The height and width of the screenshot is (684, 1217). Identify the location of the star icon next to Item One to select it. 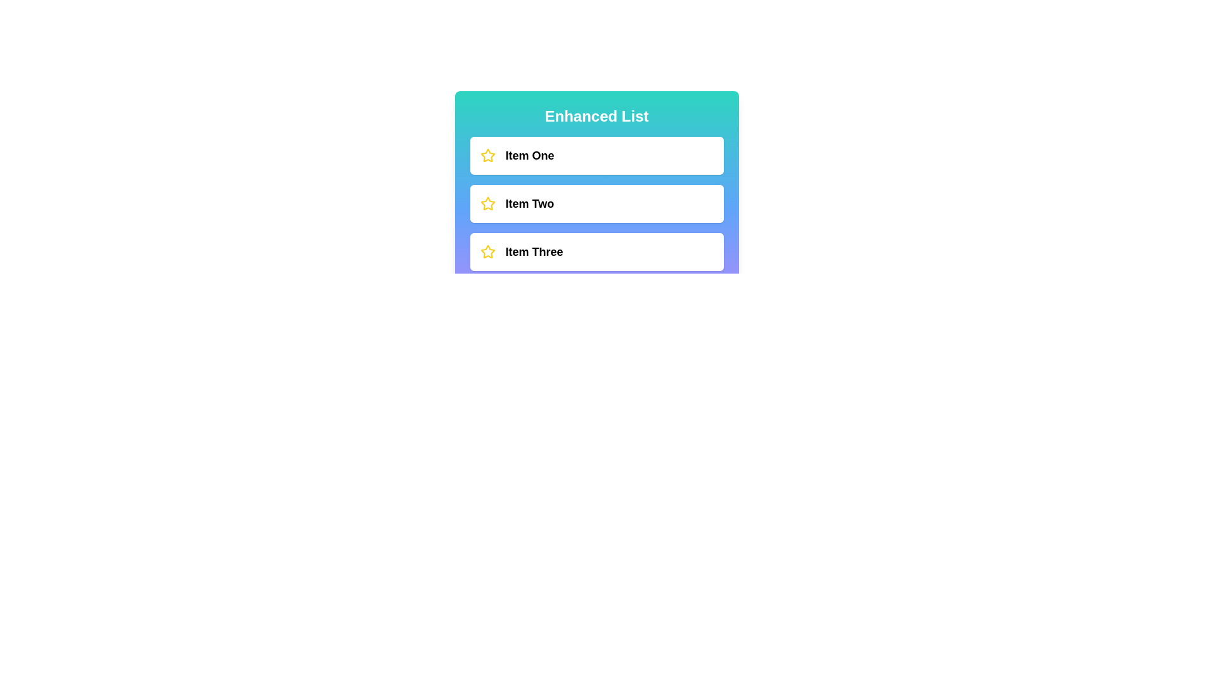
(487, 155).